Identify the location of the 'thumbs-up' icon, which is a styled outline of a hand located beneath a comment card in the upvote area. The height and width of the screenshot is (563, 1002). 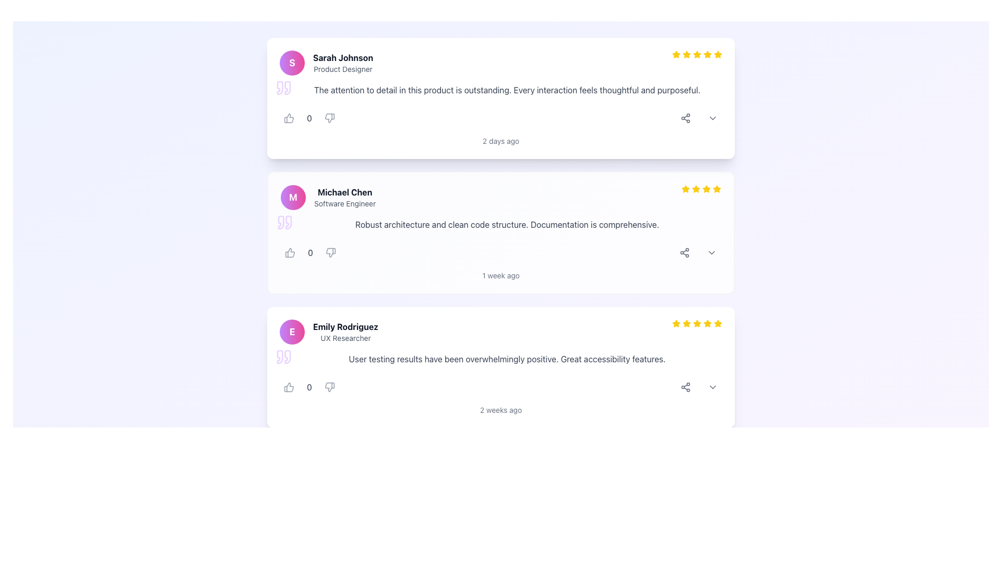
(290, 253).